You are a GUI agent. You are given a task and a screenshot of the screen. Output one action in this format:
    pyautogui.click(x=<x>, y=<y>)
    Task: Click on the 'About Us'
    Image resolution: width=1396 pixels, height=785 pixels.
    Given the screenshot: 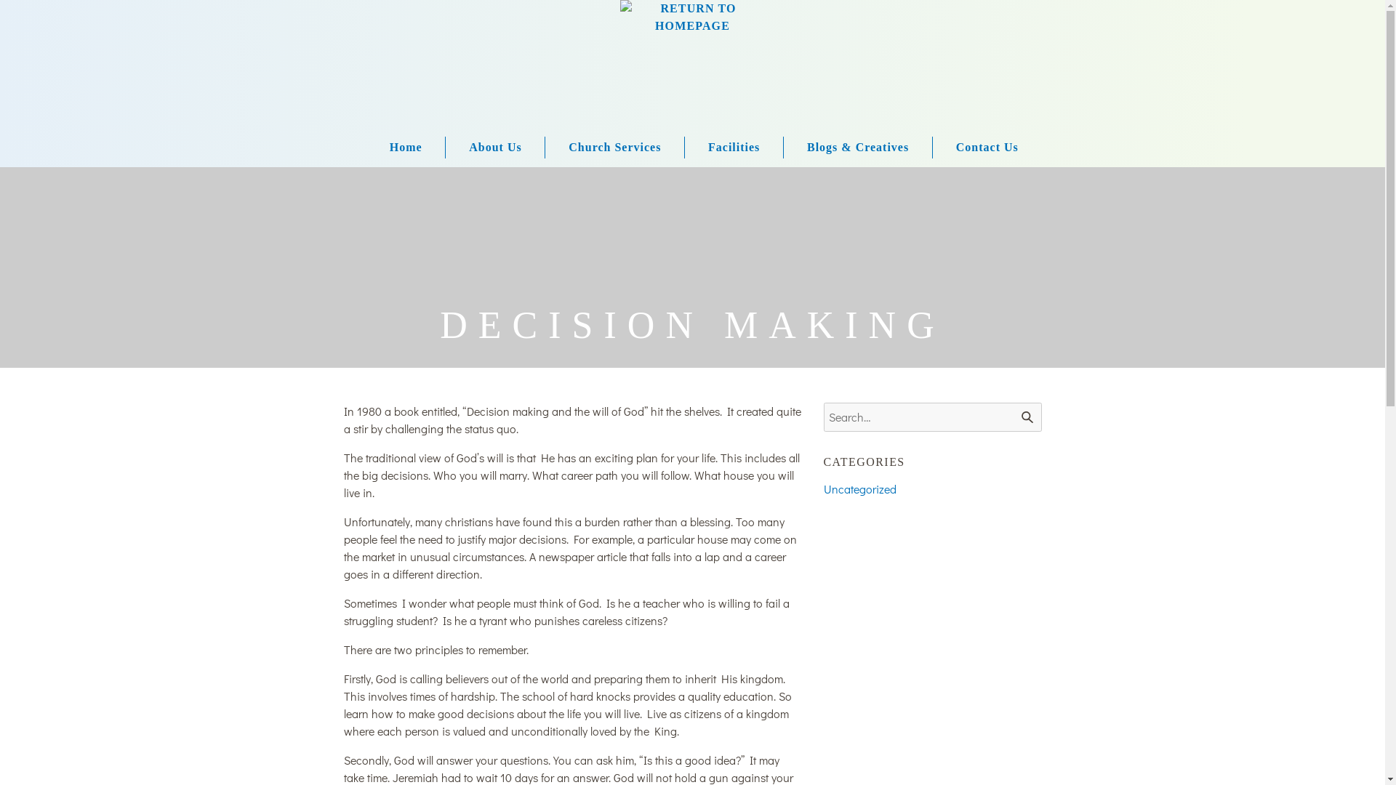 What is the action you would take?
    pyautogui.click(x=444, y=148)
    